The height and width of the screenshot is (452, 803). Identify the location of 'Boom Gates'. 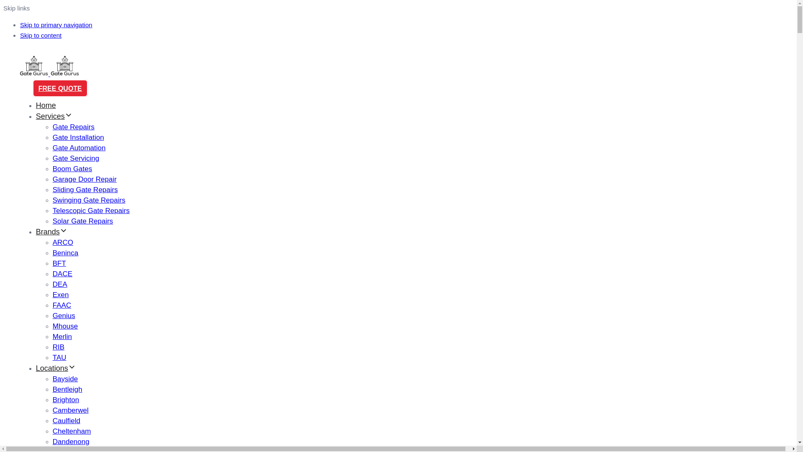
(72, 169).